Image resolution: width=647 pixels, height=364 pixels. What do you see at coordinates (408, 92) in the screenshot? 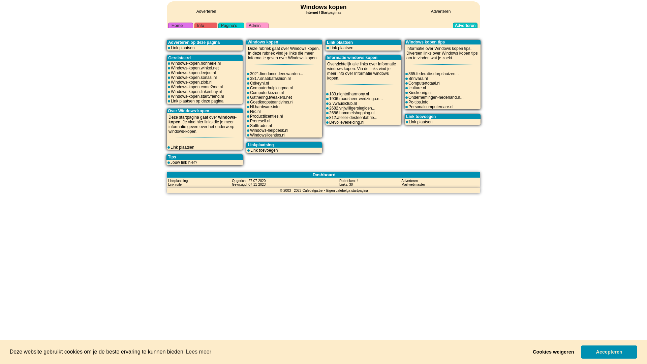
I see `'Kieskeurig.nl'` at bounding box center [408, 92].